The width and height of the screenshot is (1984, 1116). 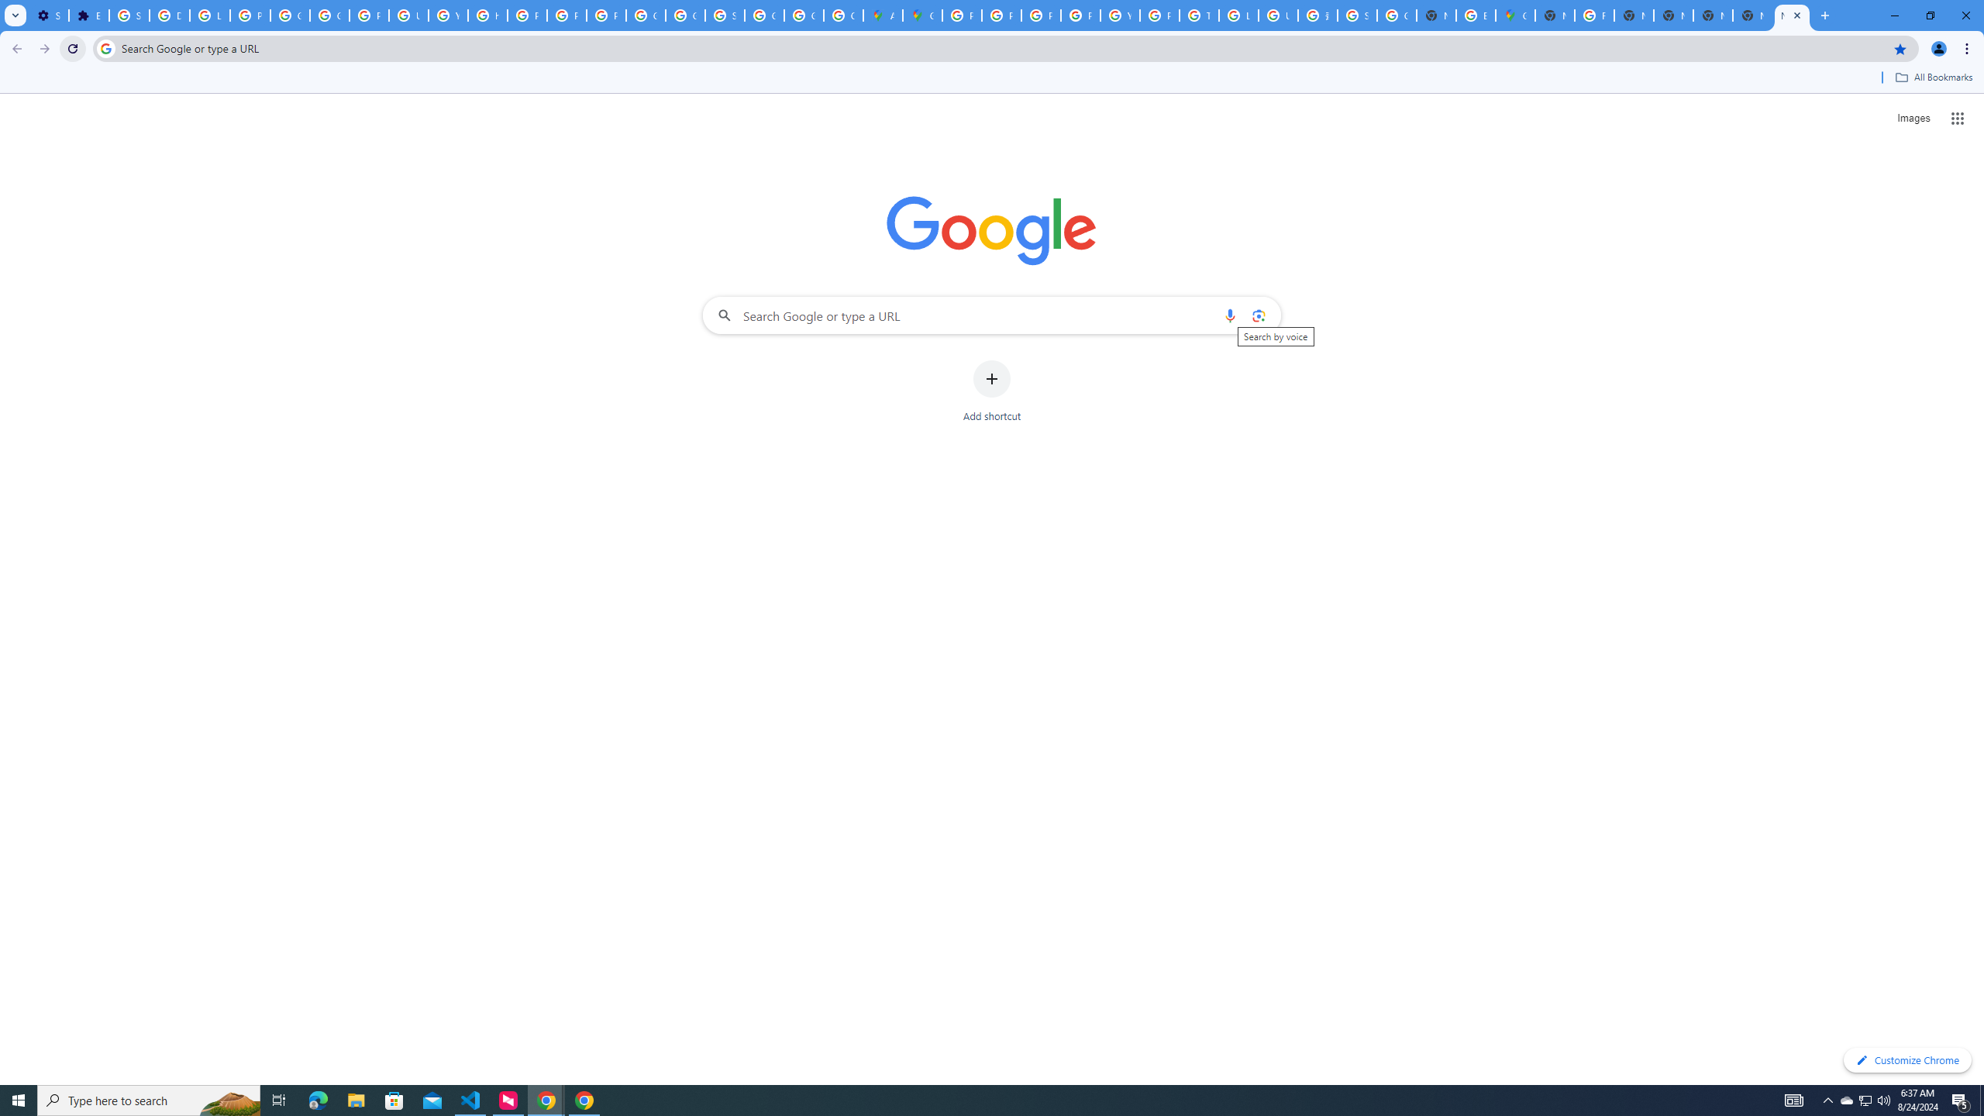 I want to click on 'Sign in - Google Accounts', so click(x=129, y=15).